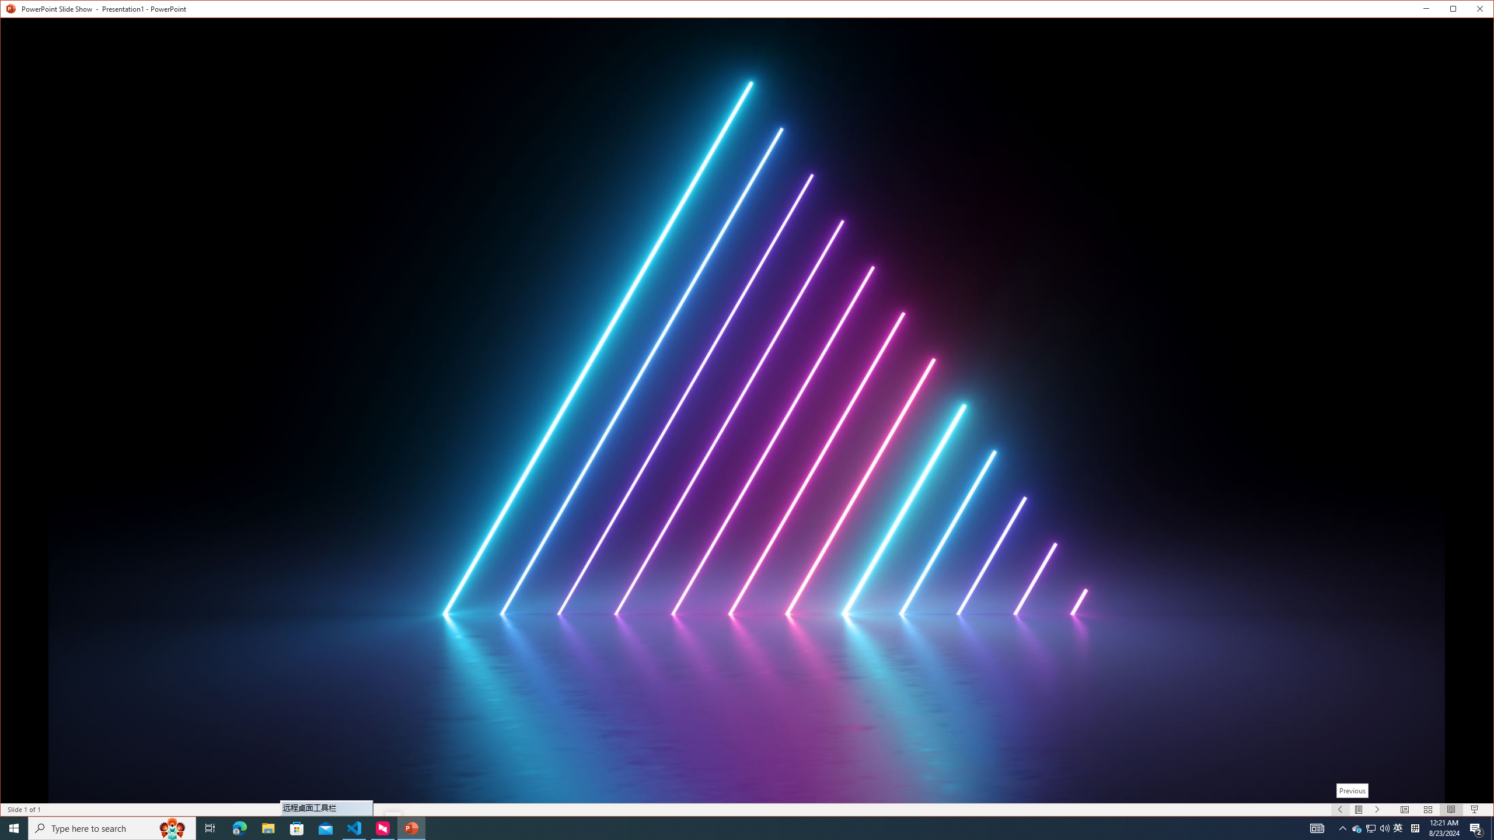  Describe the element at coordinates (1371, 827) in the screenshot. I see `'User Promoted Notification Area'` at that location.